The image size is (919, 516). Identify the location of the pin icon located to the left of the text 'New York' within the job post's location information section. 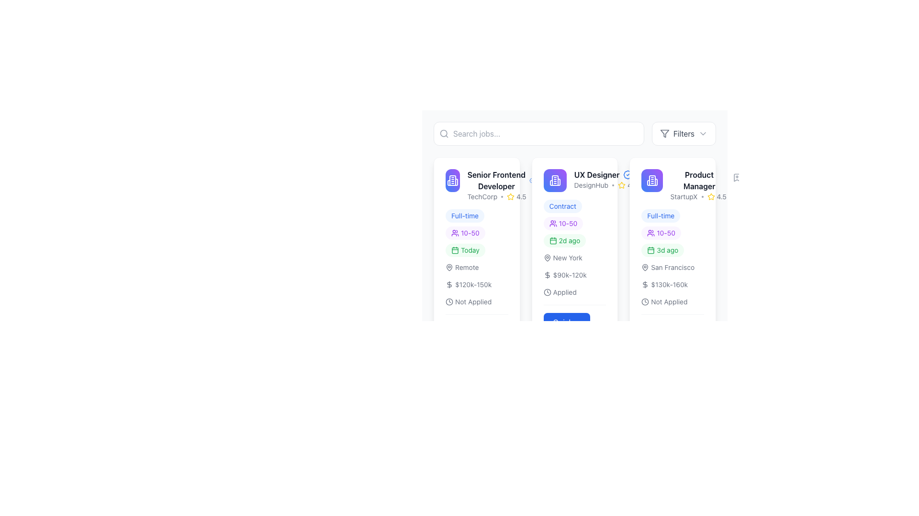
(547, 258).